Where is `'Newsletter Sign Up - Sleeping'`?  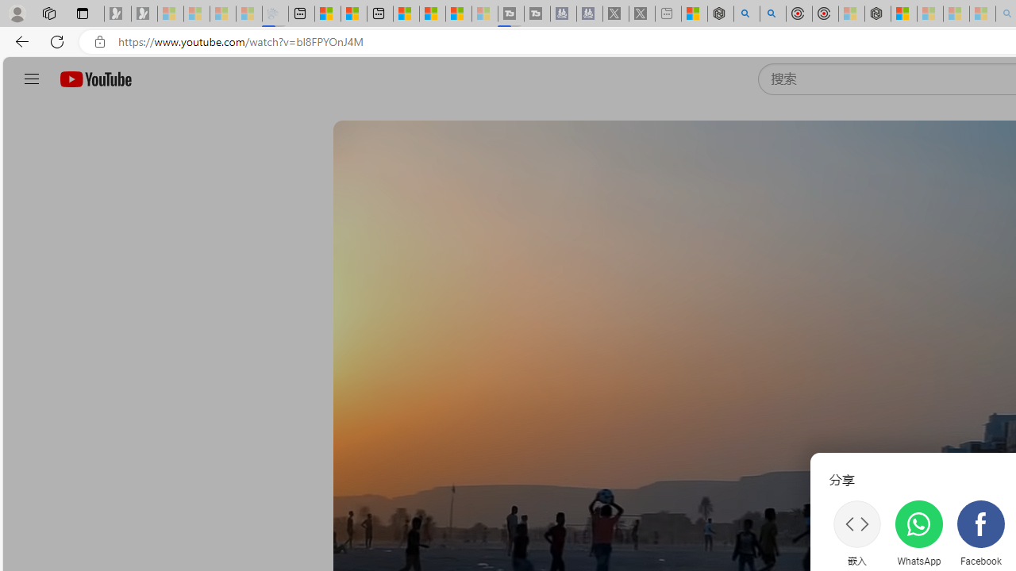
'Newsletter Sign Up - Sleeping' is located at coordinates (144, 13).